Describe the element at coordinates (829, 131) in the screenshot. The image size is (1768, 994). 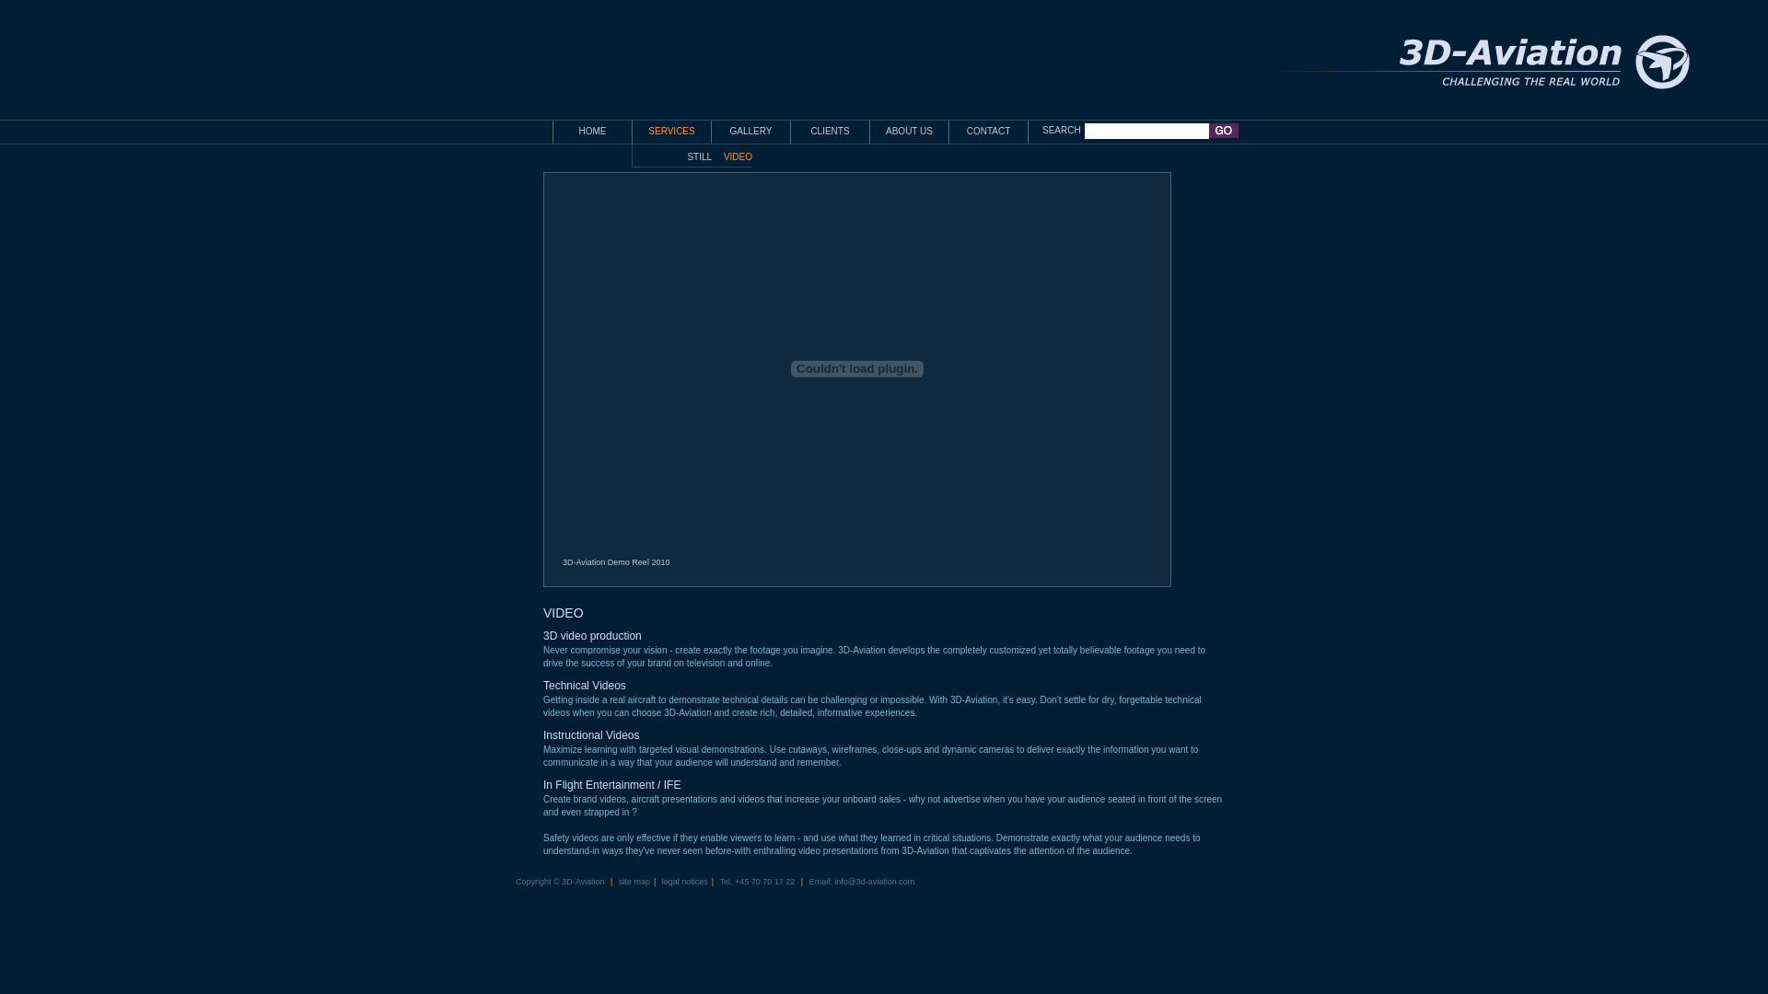
I see `'CLIENTS'` at that location.